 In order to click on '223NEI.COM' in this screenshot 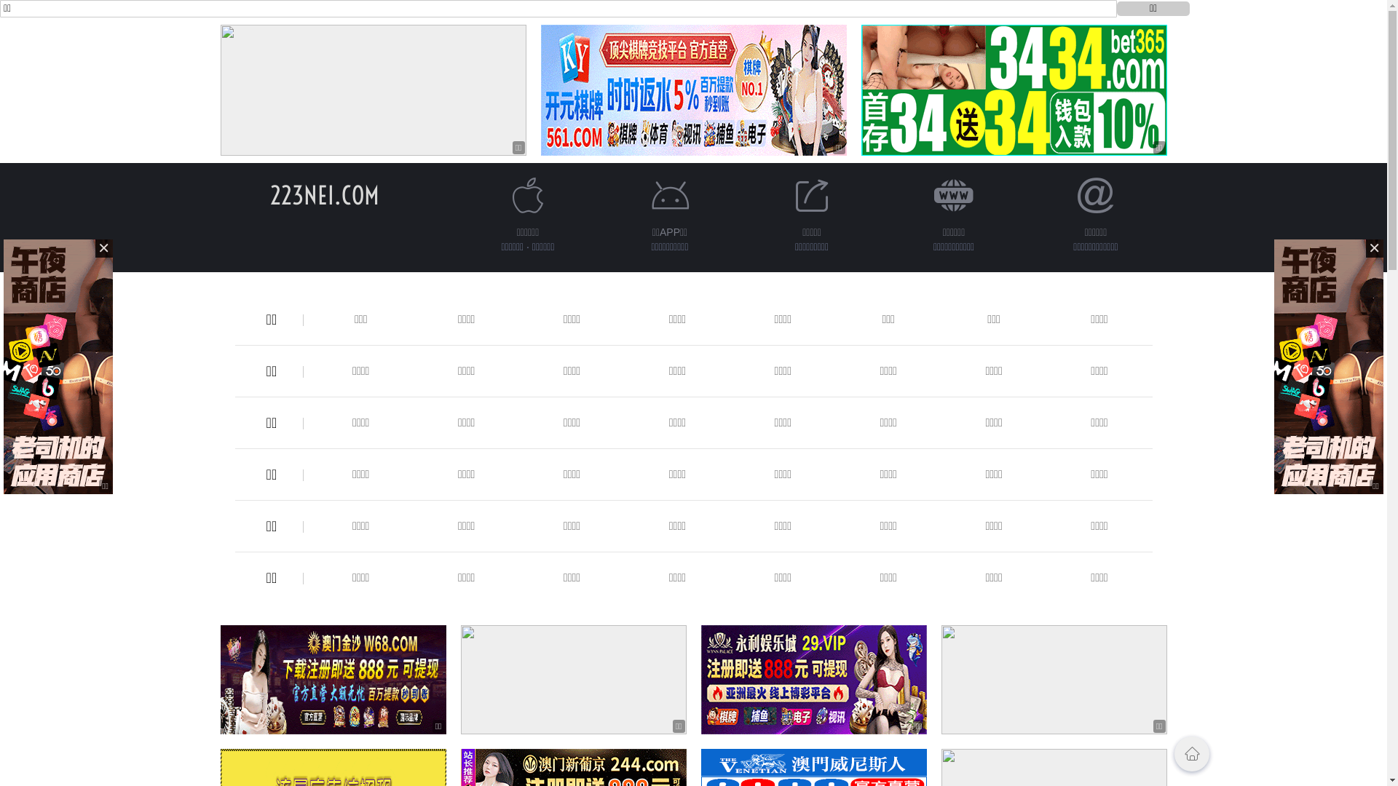, I will do `click(323, 194)`.